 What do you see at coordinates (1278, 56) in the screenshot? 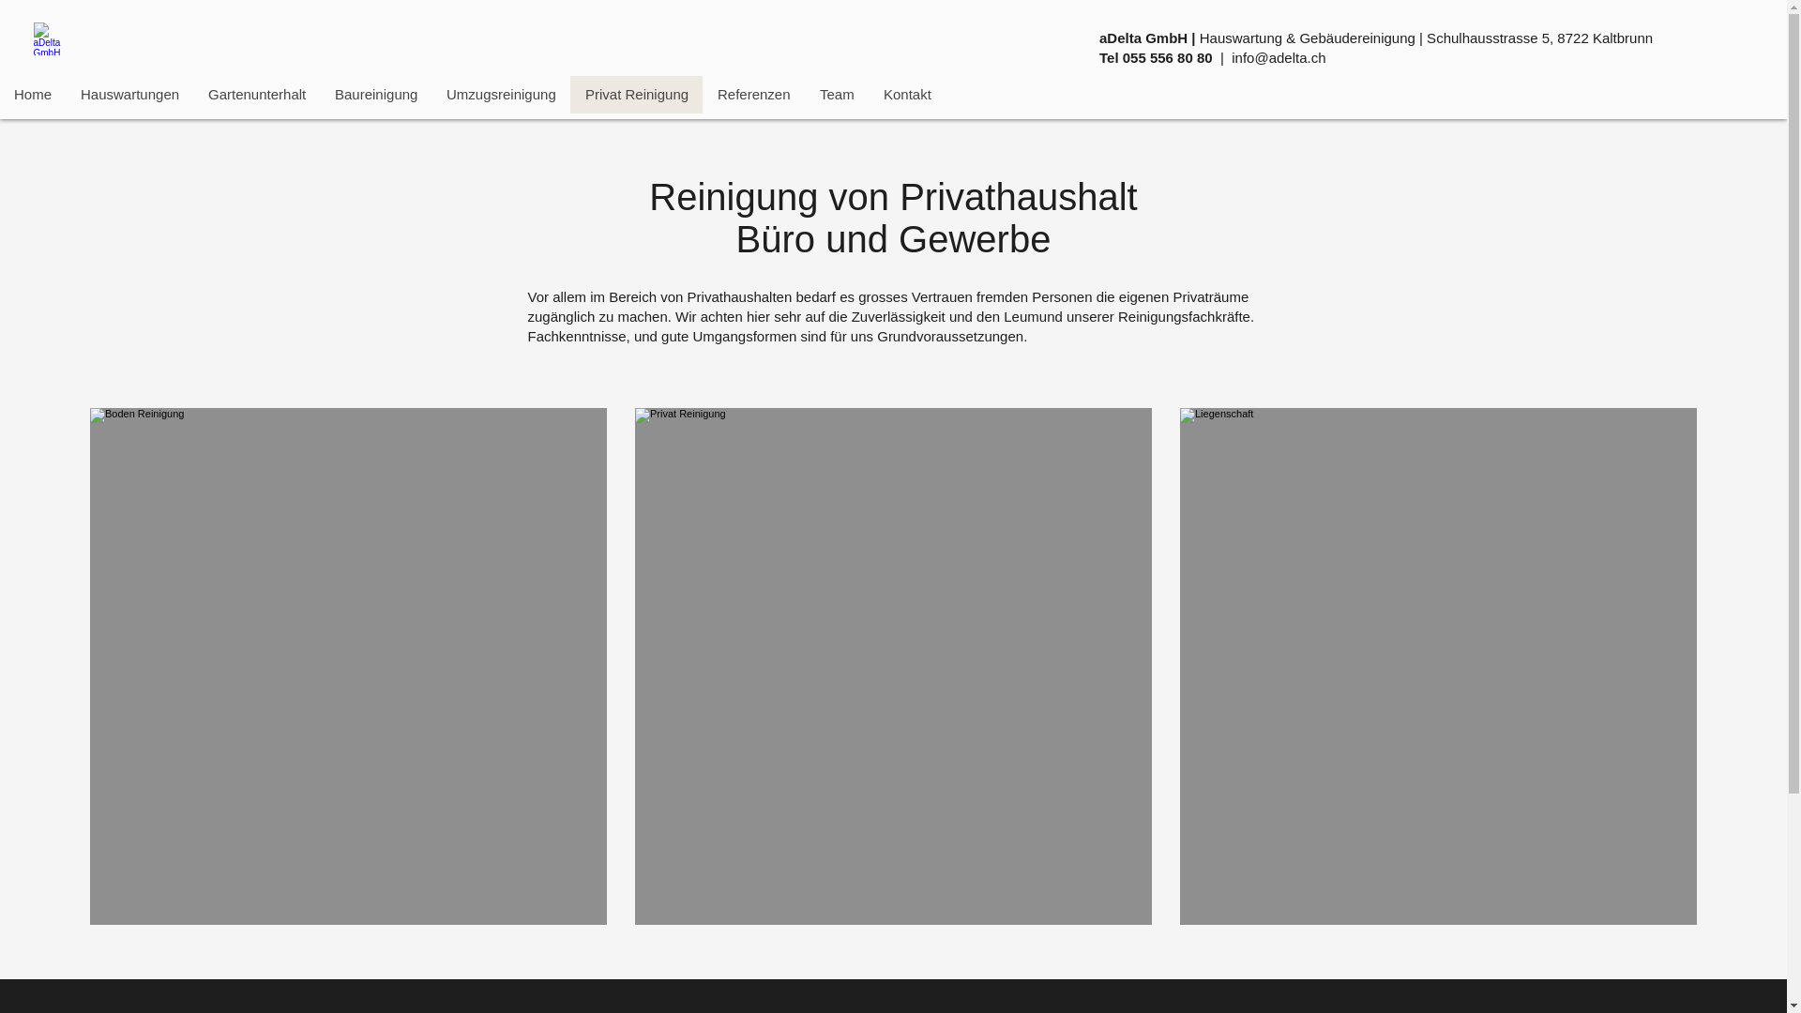
I see `'info@adelta.ch'` at bounding box center [1278, 56].